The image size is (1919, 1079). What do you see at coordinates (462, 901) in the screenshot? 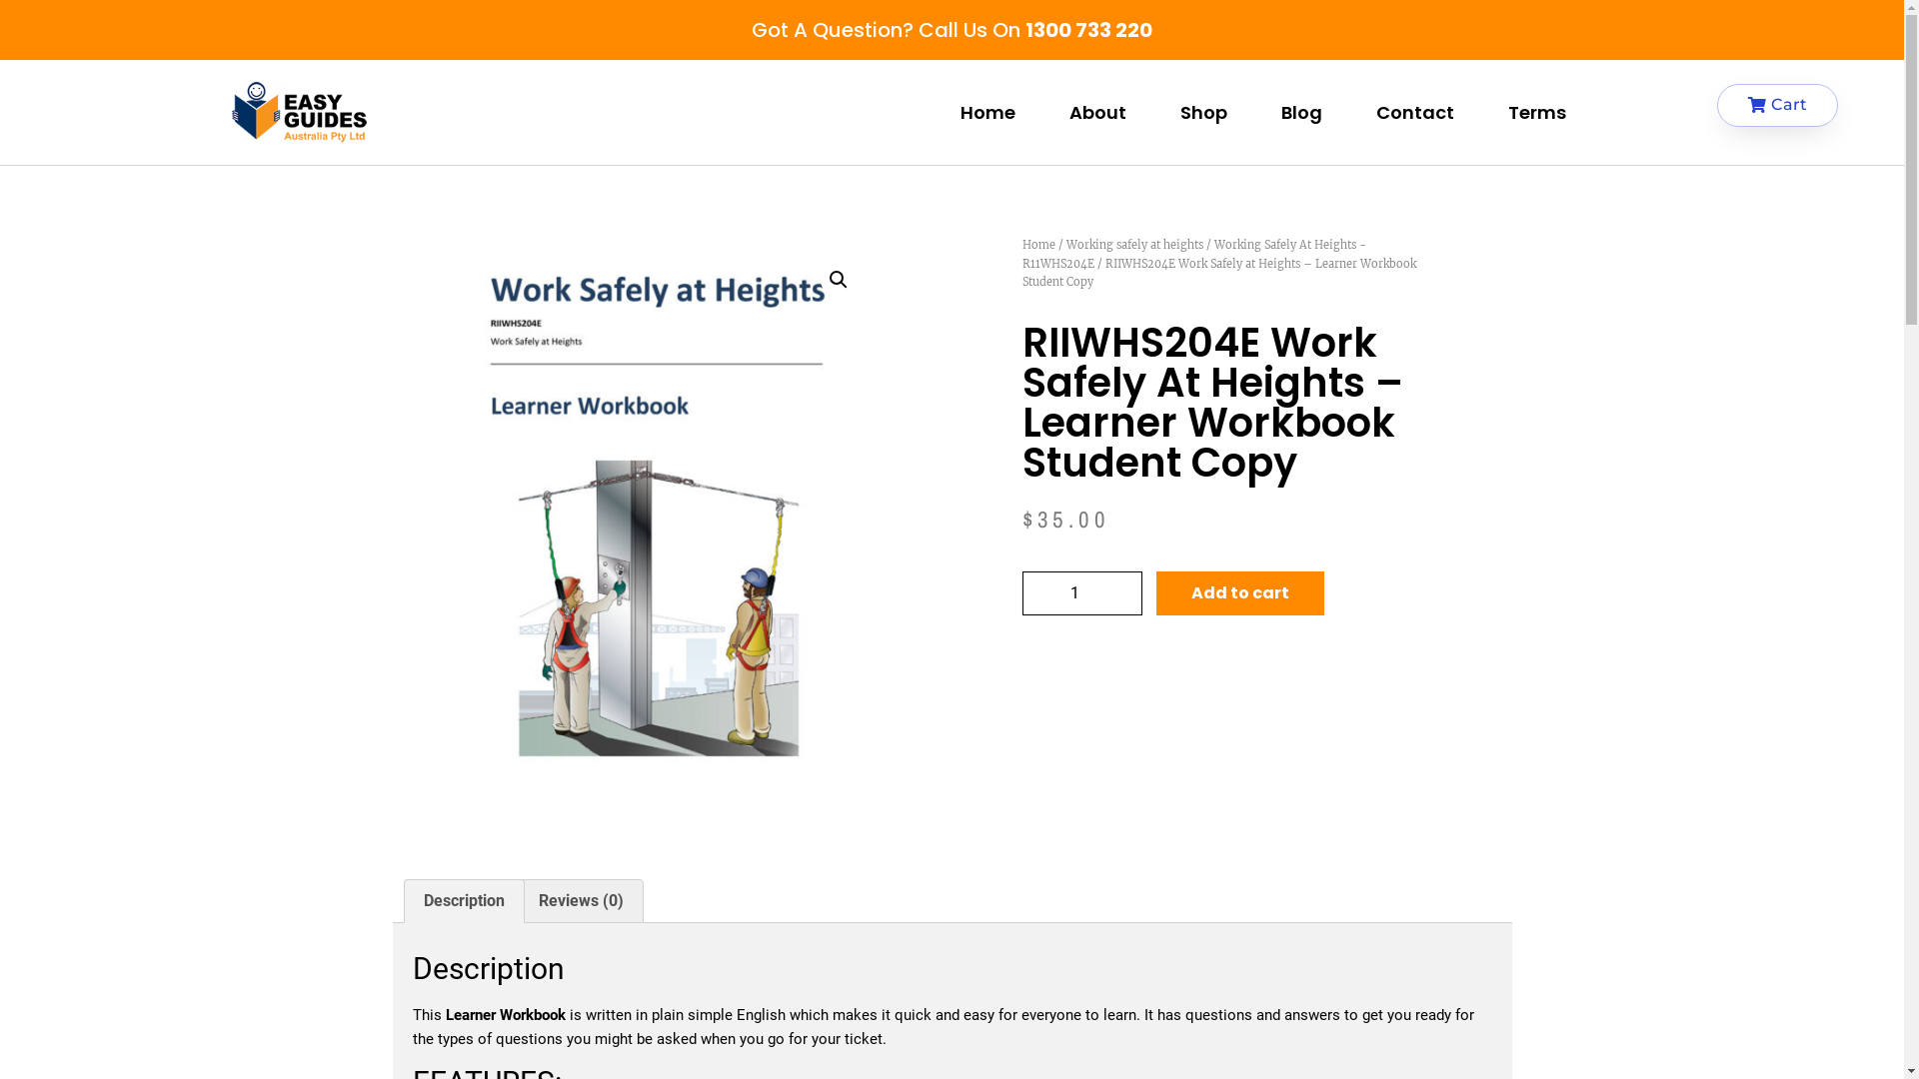
I see `'Description'` at bounding box center [462, 901].